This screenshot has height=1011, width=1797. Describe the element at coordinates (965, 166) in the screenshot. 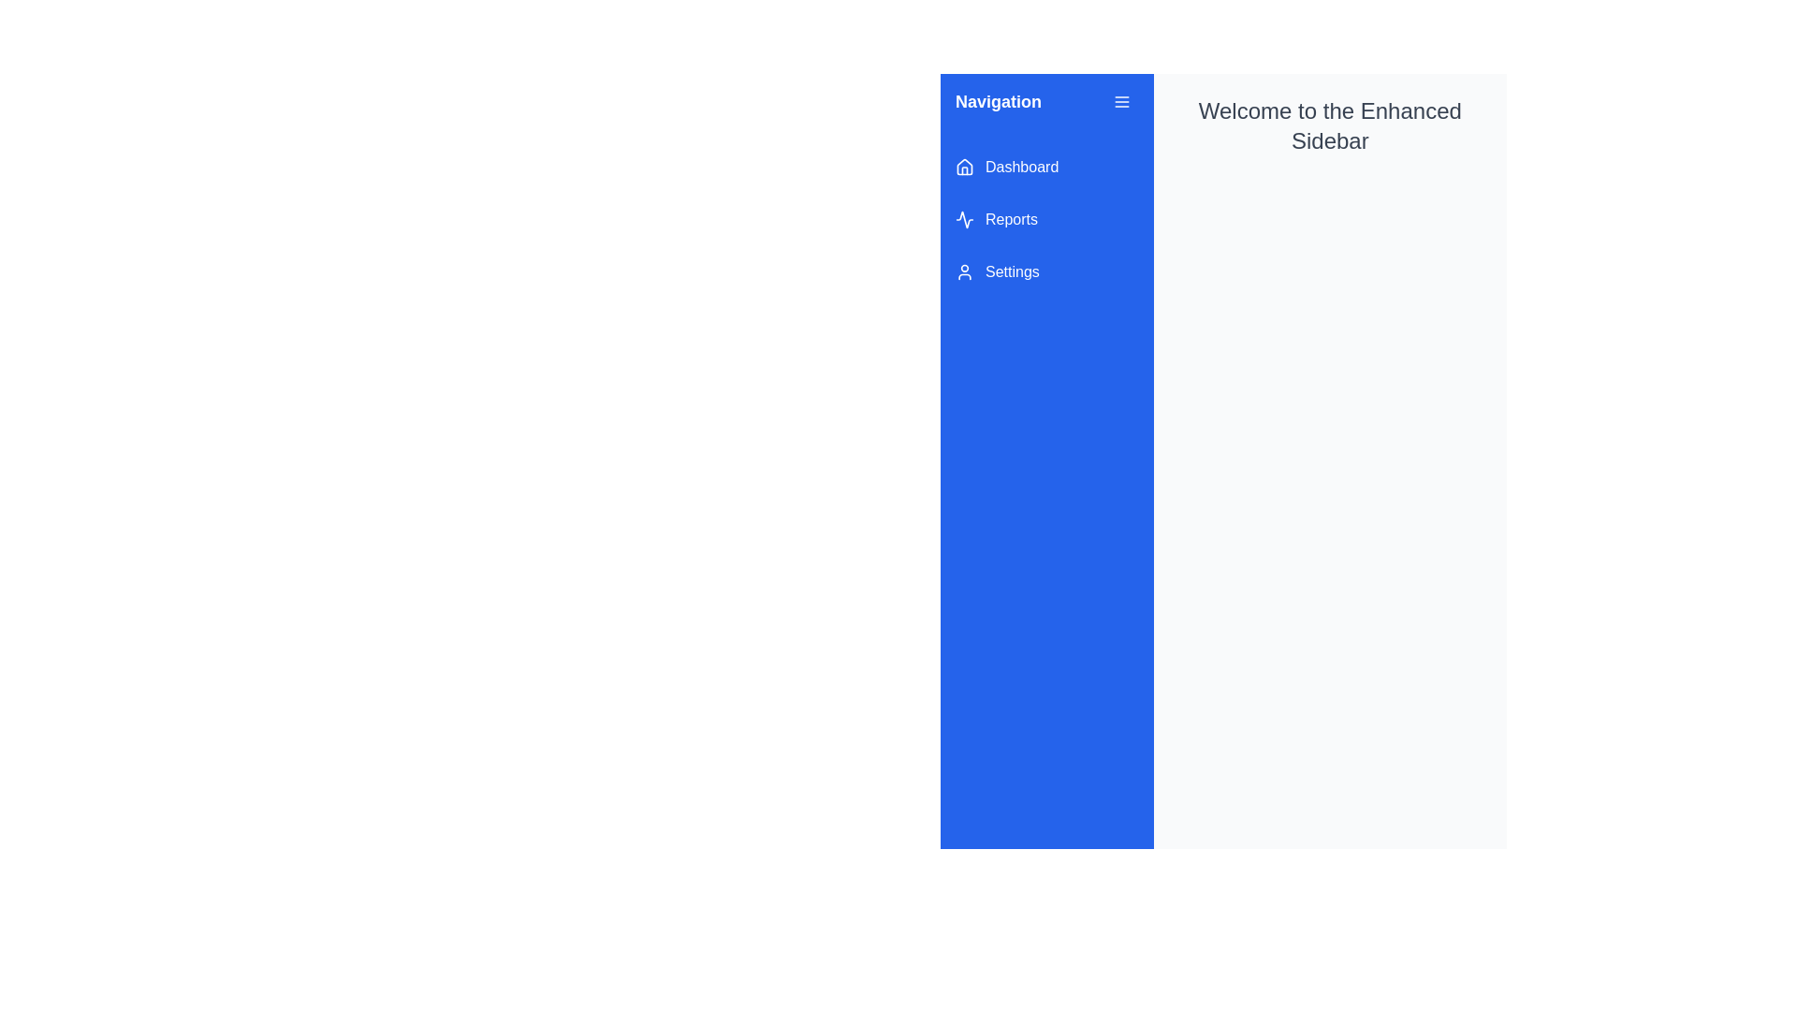

I see `the house icon with a blue background and white stroke lines located next to the 'Dashboard' text in the sidebar` at that location.